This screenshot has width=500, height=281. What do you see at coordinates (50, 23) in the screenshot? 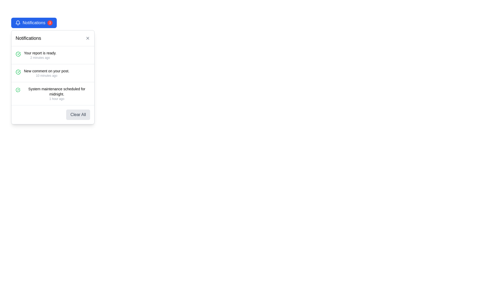
I see `the Badge Notification that indicates three new notifications on the Notifications button` at bounding box center [50, 23].